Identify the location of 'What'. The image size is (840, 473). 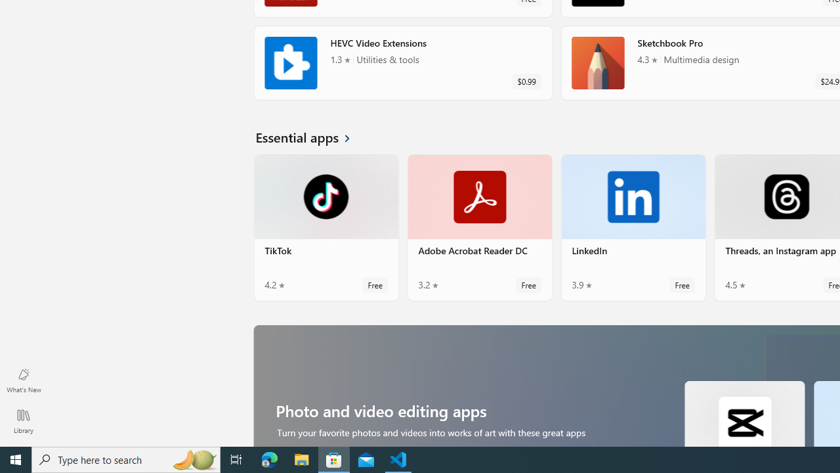
(23, 380).